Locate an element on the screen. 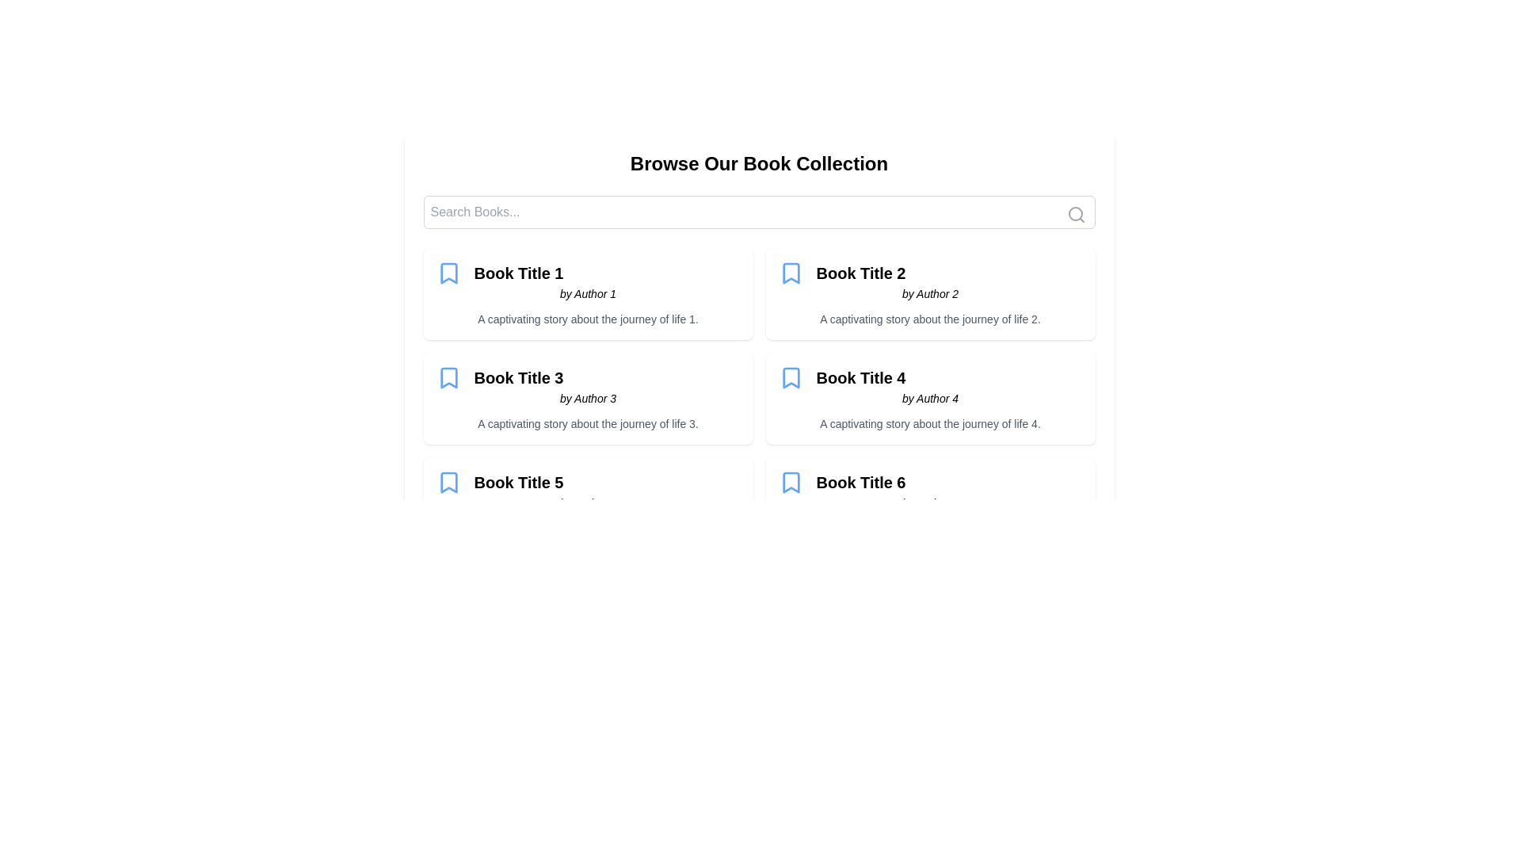 This screenshot has width=1521, height=856. the italicized text label reading 'by Author 3' located below the title 'Book Title 3' in the second column of the first row of the grid layout is located at coordinates (587, 397).